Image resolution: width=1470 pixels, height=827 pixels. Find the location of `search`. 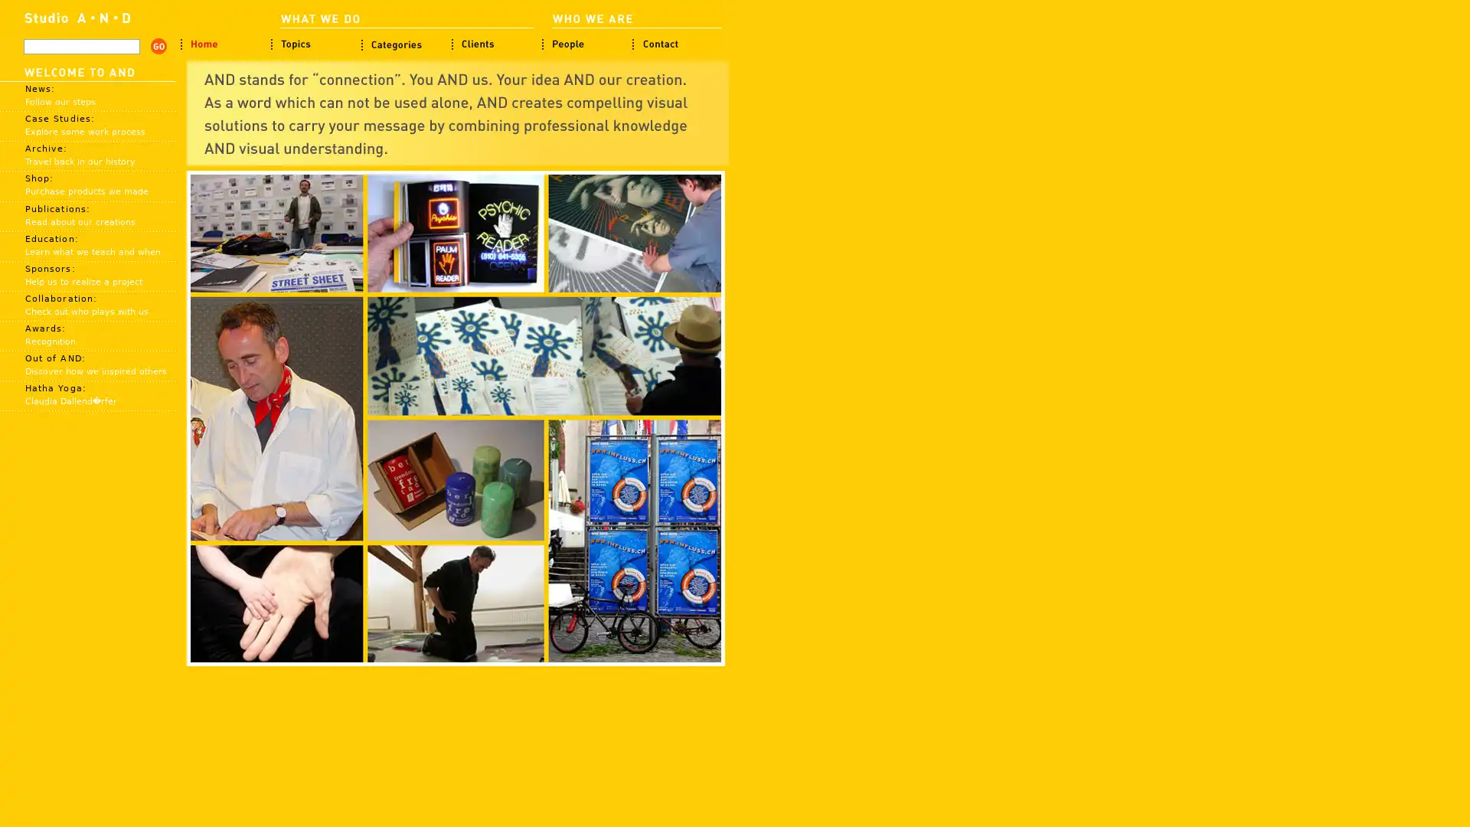

search is located at coordinates (158, 45).